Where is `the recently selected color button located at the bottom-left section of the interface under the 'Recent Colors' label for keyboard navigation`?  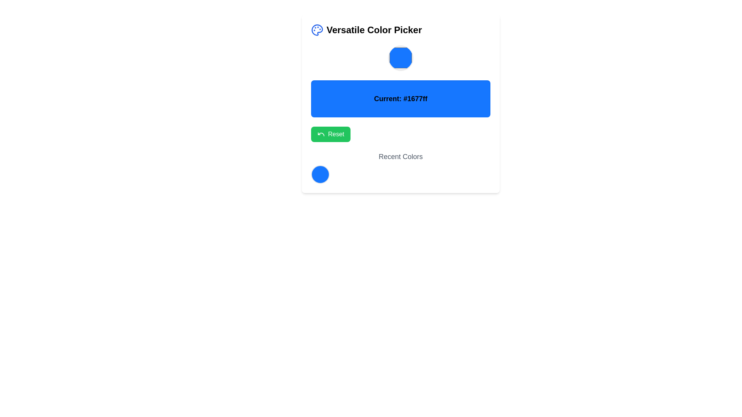
the recently selected color button located at the bottom-left section of the interface under the 'Recent Colors' label for keyboard navigation is located at coordinates (320, 174).